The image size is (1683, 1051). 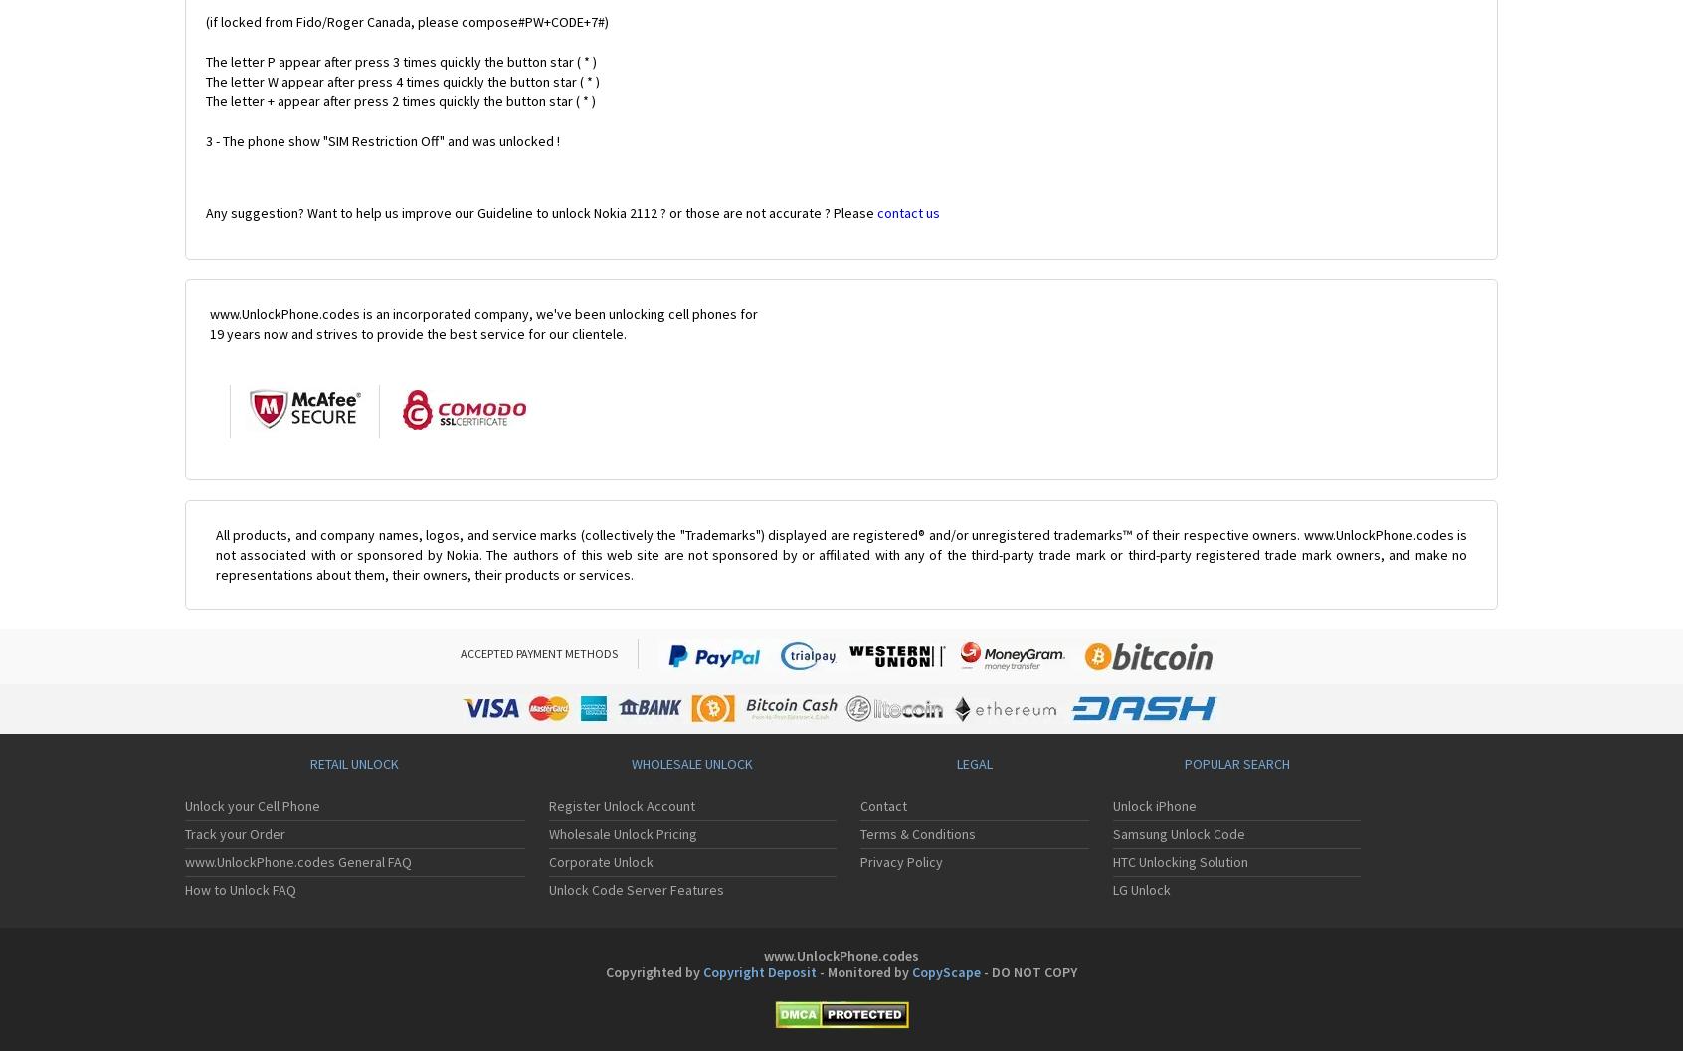 What do you see at coordinates (911, 972) in the screenshot?
I see `'CopyScape'` at bounding box center [911, 972].